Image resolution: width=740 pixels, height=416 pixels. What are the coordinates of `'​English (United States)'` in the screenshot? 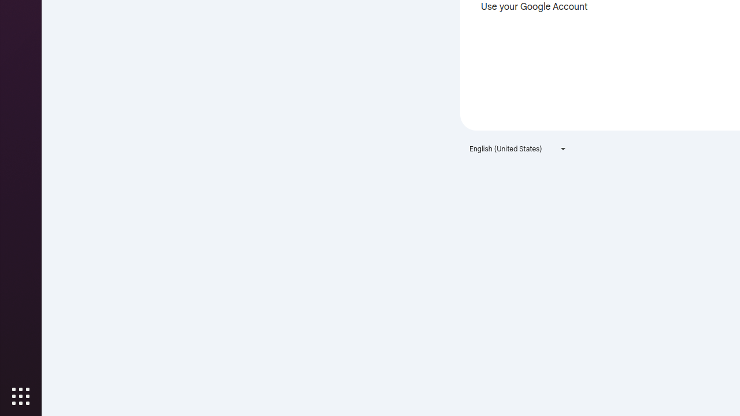 It's located at (517, 148).